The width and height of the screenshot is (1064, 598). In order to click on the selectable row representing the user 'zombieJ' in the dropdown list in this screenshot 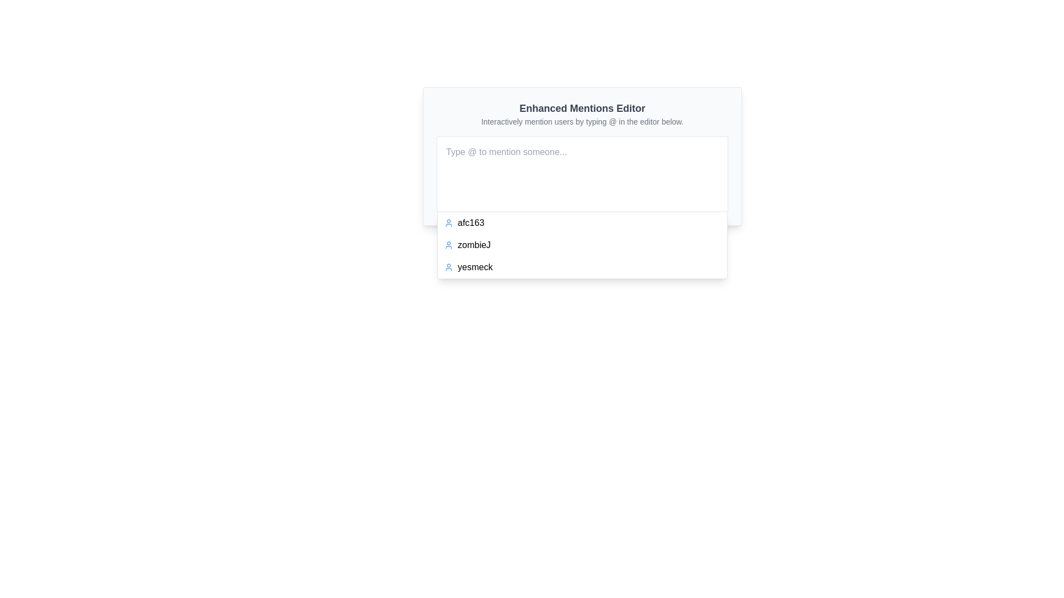, I will do `click(582, 245)`.